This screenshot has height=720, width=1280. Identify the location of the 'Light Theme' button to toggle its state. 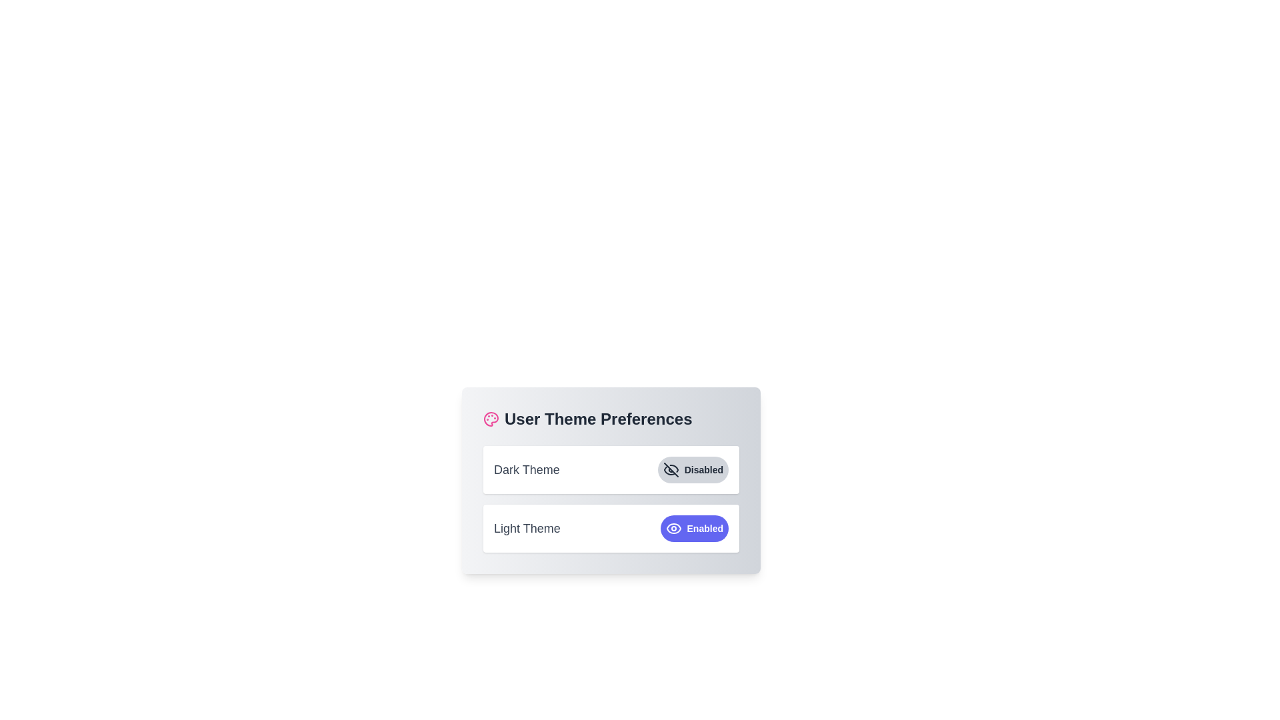
(693, 528).